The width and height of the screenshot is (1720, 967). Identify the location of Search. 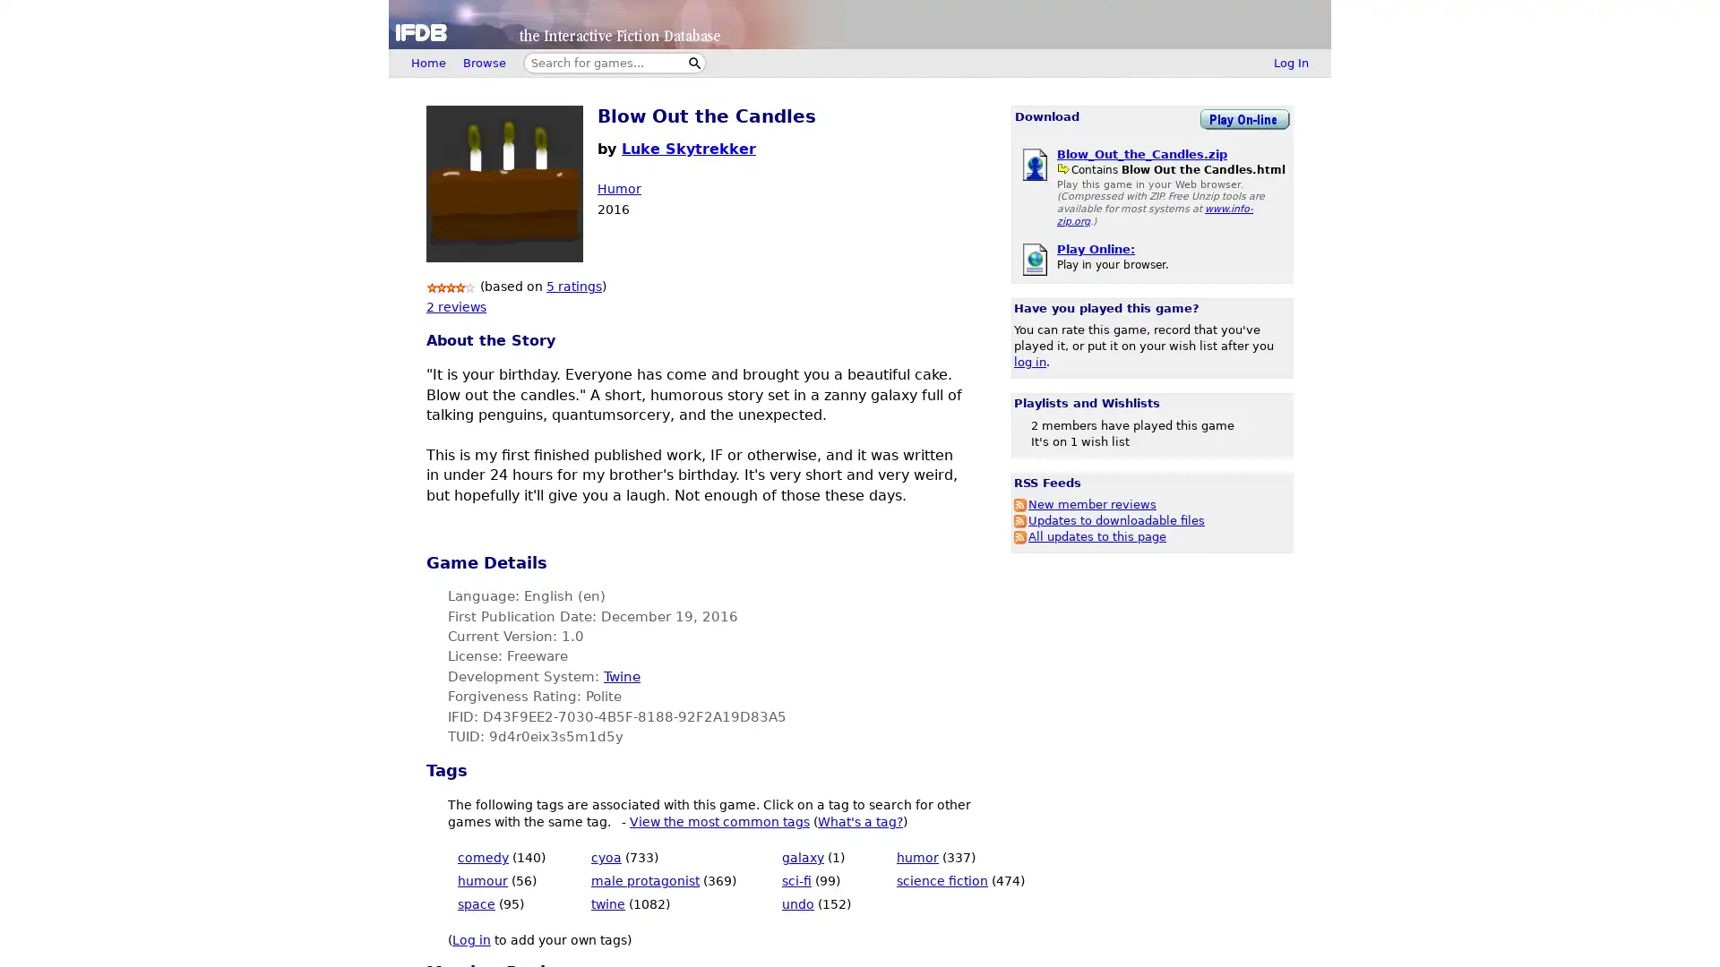
(693, 61).